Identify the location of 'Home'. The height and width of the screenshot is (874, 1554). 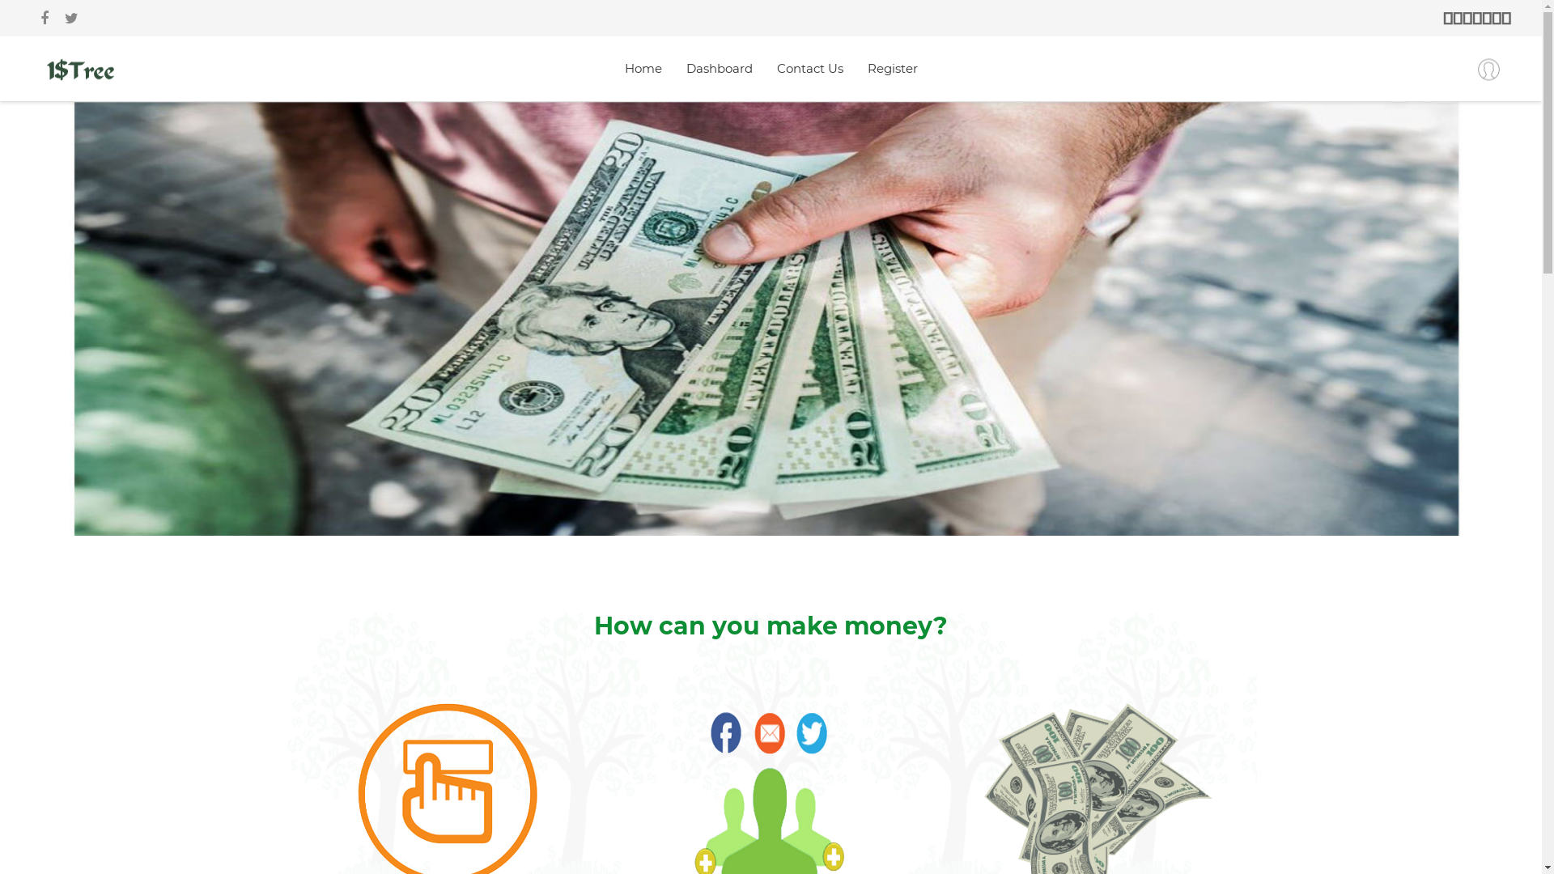
(643, 67).